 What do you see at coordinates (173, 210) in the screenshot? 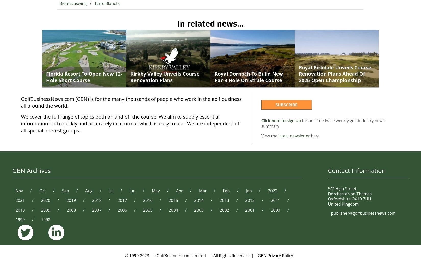
I see `'2004'` at bounding box center [173, 210].